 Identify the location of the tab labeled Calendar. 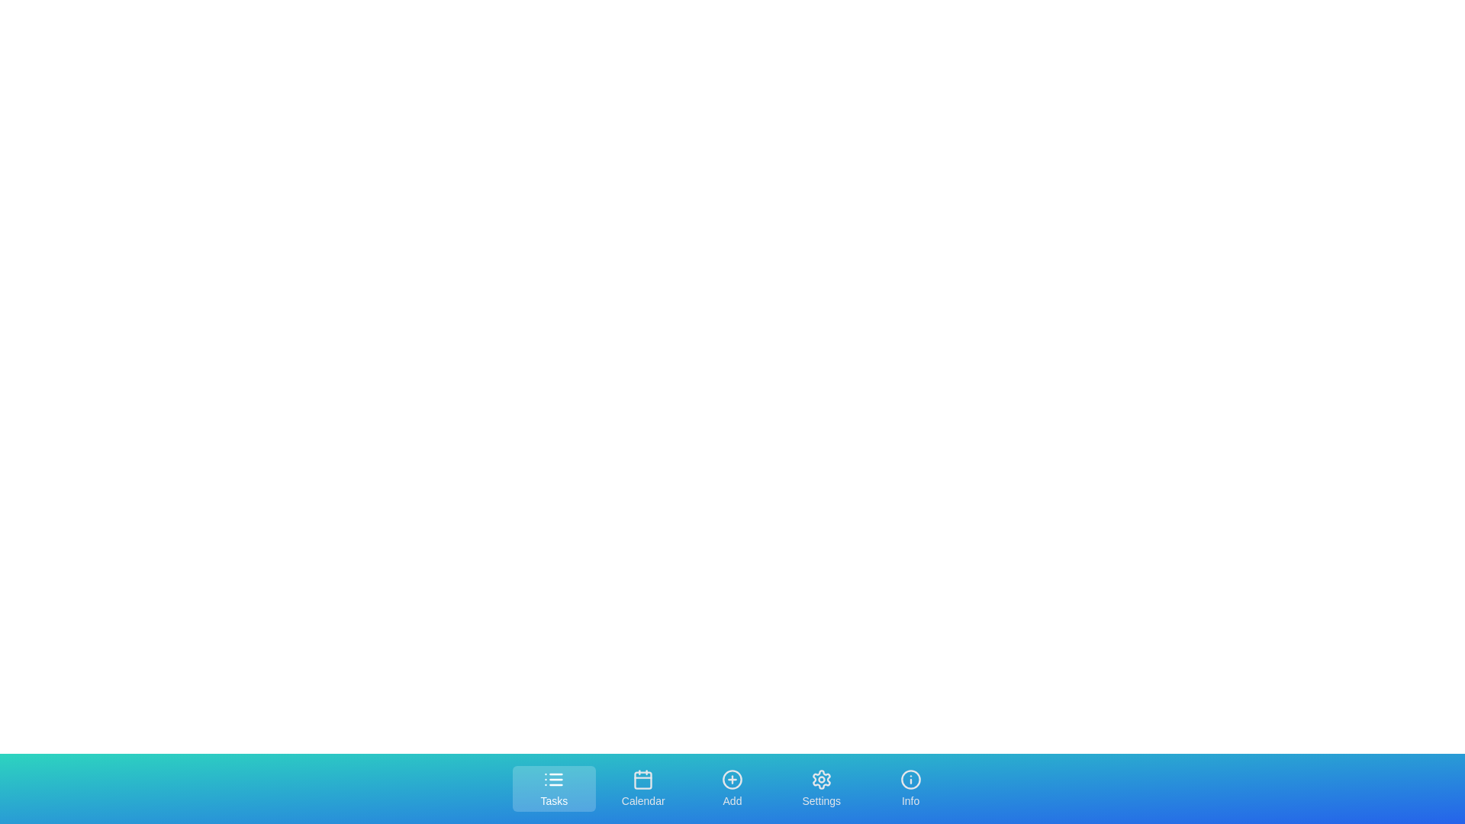
(643, 788).